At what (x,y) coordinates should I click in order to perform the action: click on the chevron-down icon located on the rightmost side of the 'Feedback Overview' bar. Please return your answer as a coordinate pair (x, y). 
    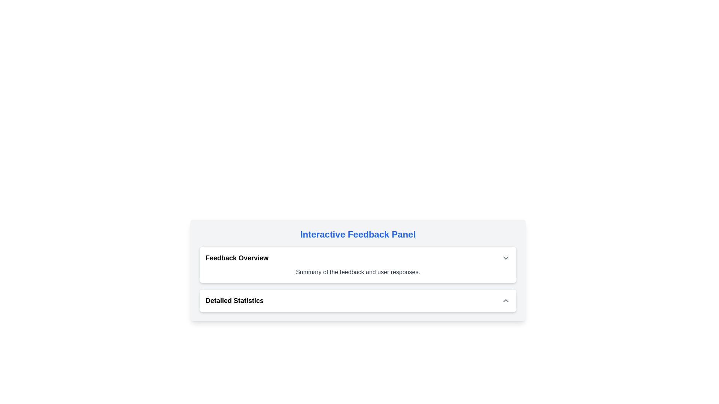
    Looking at the image, I should click on (506, 258).